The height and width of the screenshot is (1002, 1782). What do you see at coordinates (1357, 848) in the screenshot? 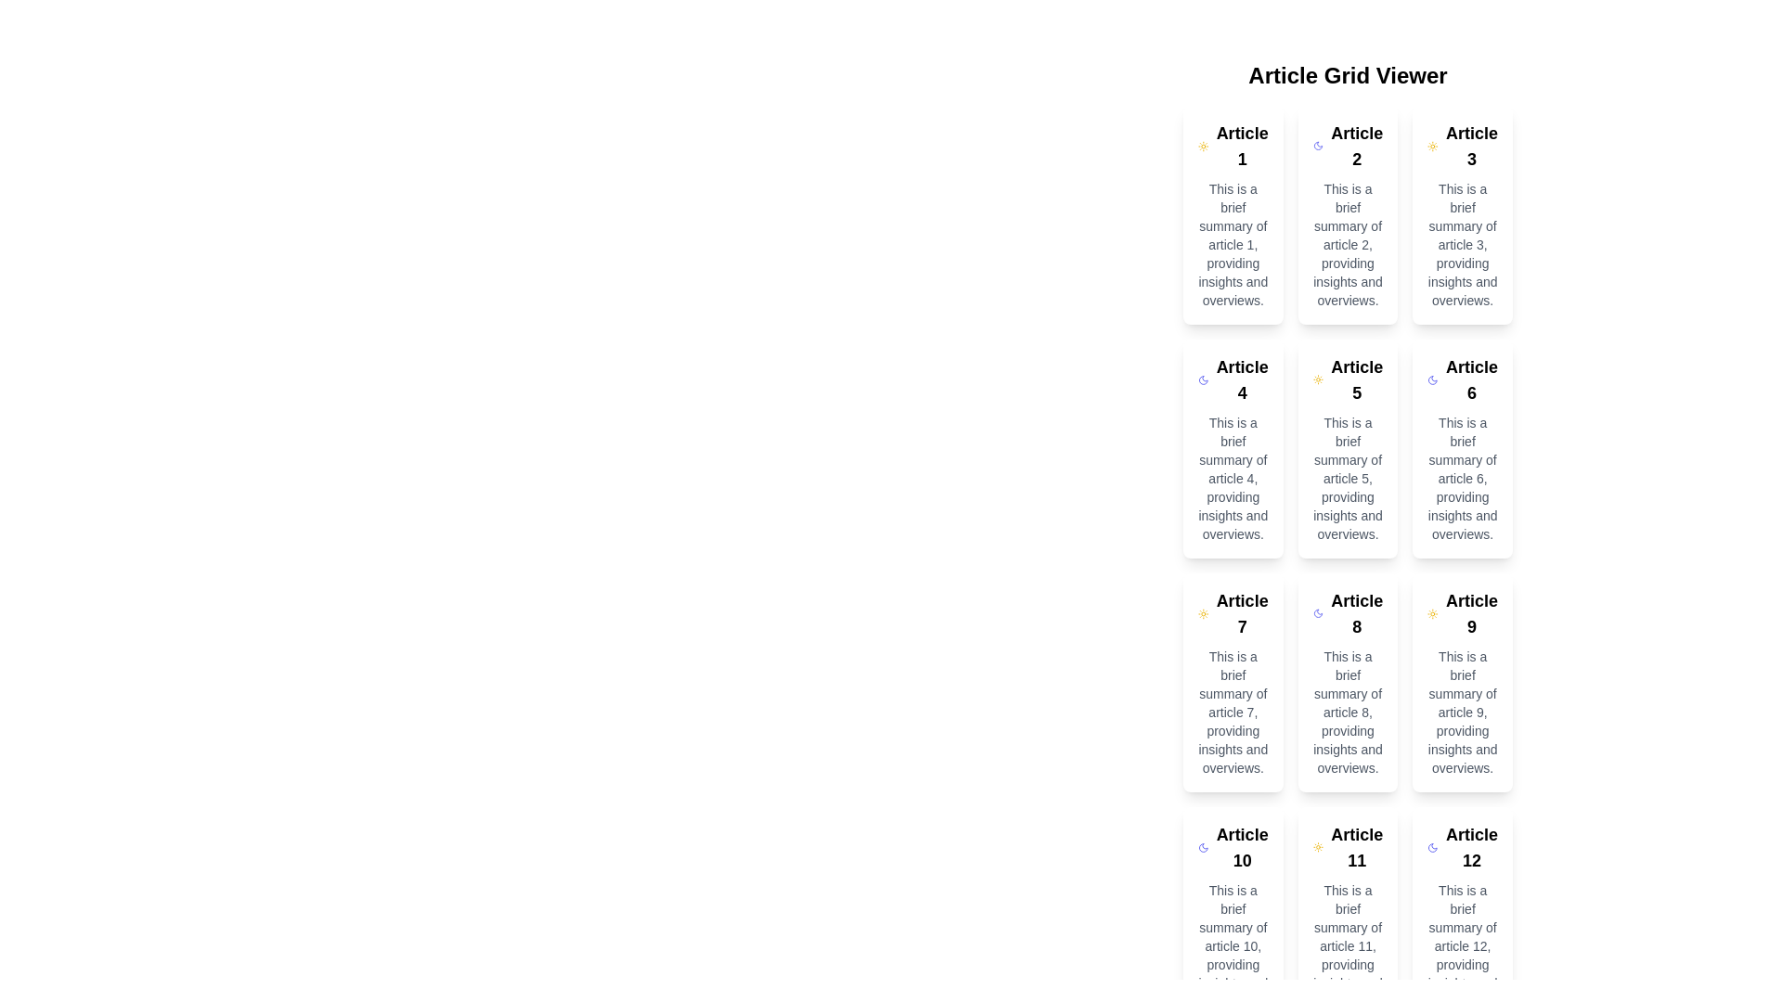
I see `title 'Article 11' which is styled with a bold and slightly larger font, located in the central column of the bottom row in the article grid layout` at bounding box center [1357, 848].